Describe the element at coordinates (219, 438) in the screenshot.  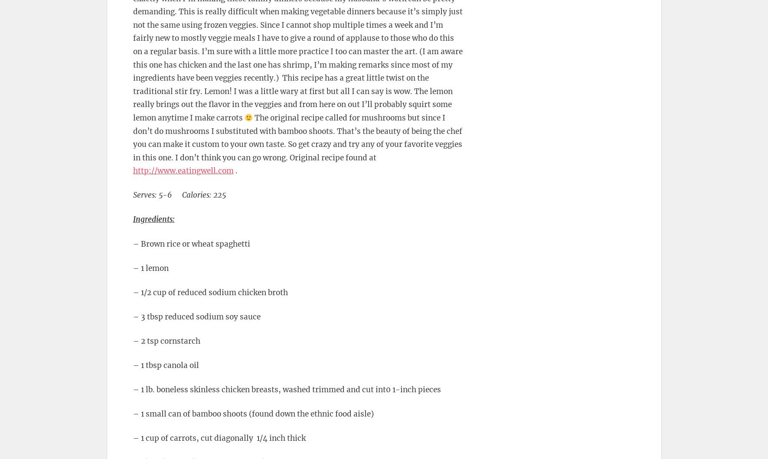
I see `'– 1 cup of carrots, cut diagonally  1/4 inch thick'` at that location.